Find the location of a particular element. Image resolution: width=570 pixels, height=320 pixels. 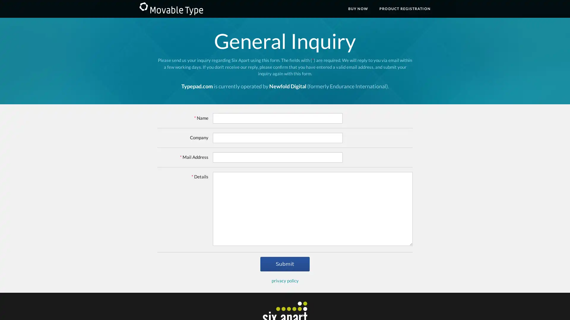

Submit is located at coordinates (284, 263).